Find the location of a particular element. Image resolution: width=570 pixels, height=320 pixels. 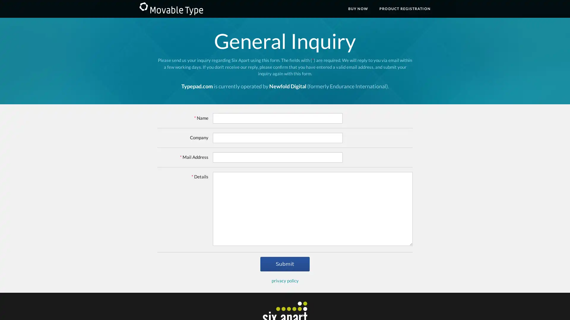

Submit is located at coordinates (284, 263).